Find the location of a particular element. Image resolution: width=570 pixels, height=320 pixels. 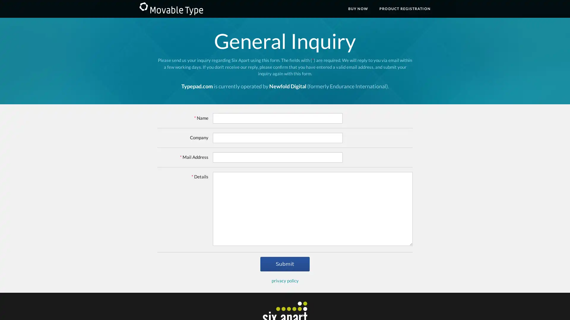

Submit is located at coordinates (284, 263).